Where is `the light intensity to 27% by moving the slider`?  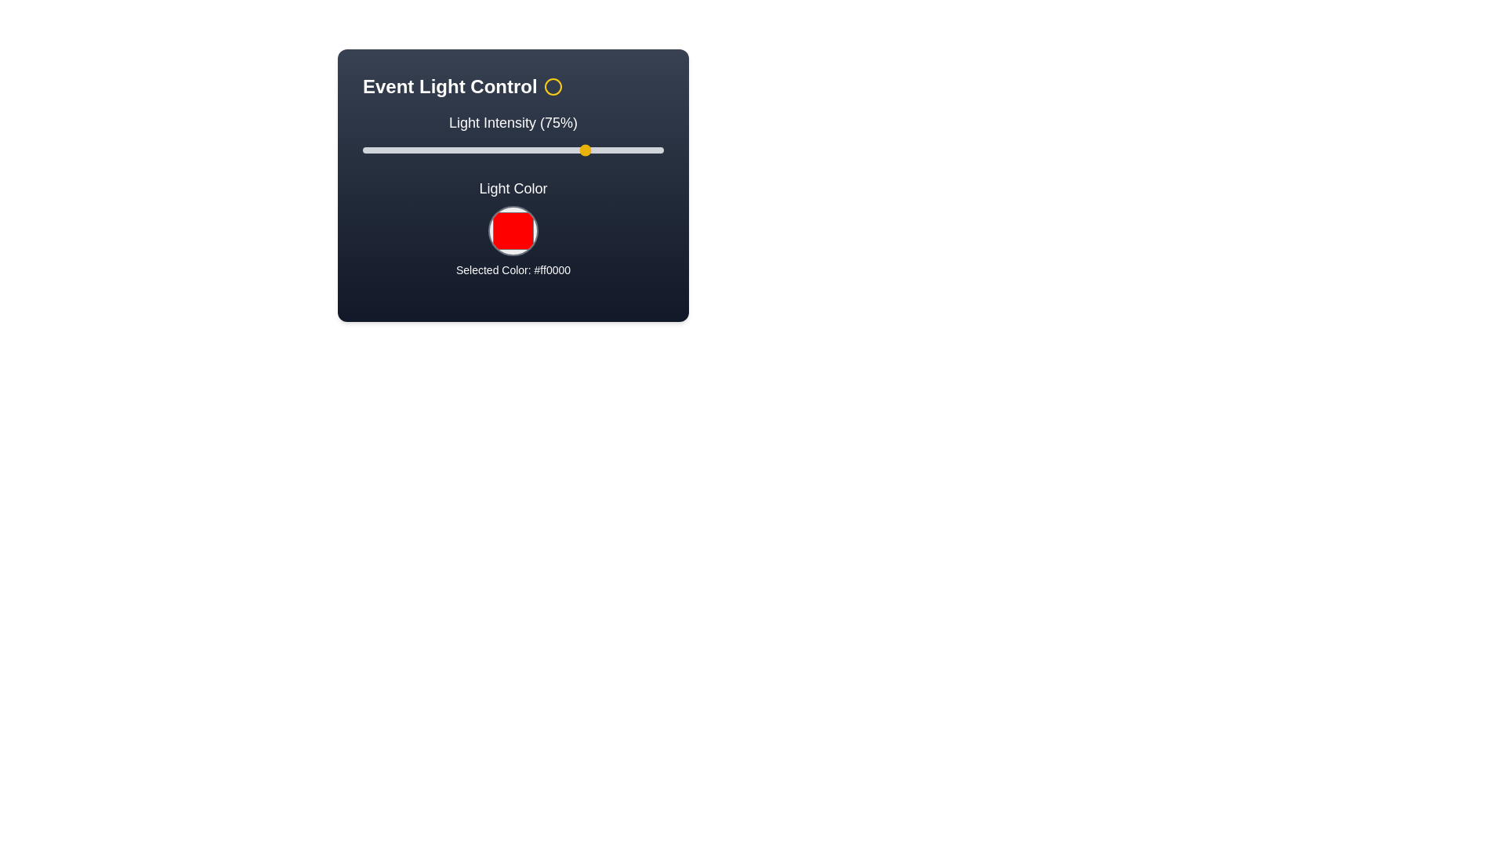
the light intensity to 27% by moving the slider is located at coordinates (443, 150).